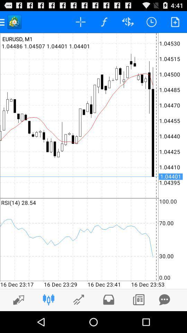 This screenshot has height=333, width=187. Describe the element at coordinates (139, 299) in the screenshot. I see `the right bottom button` at that location.